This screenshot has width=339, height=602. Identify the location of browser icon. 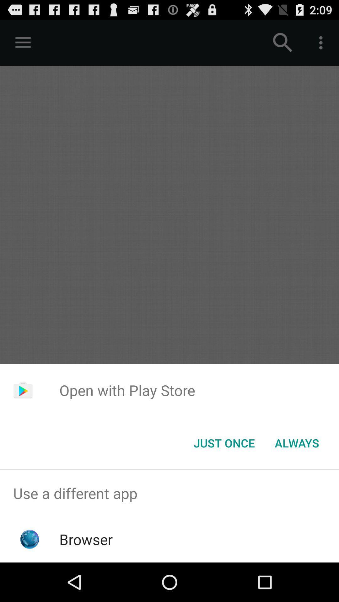
(86, 539).